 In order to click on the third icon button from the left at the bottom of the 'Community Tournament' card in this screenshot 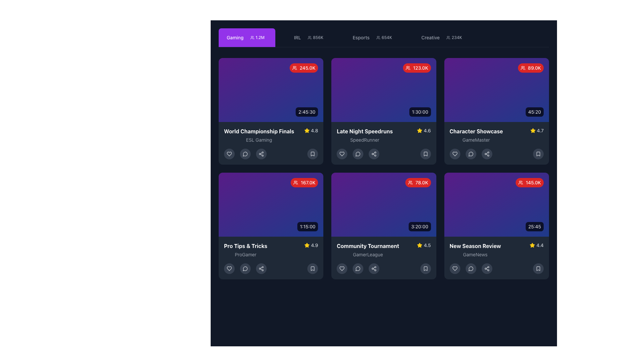, I will do `click(358, 268)`.